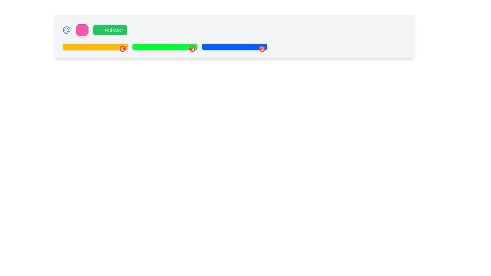  Describe the element at coordinates (100, 30) in the screenshot. I see `the green circular icon with a white plus symbol located on the left side of the 'Add Color' button` at that location.